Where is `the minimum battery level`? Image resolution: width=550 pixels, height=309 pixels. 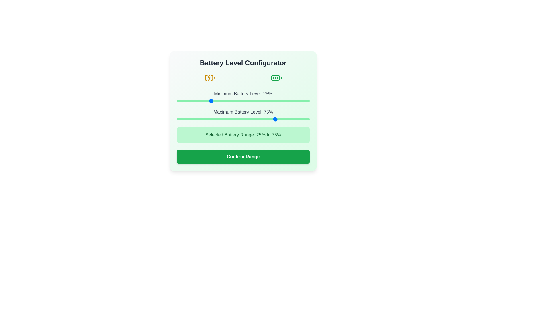
the minimum battery level is located at coordinates (212, 101).